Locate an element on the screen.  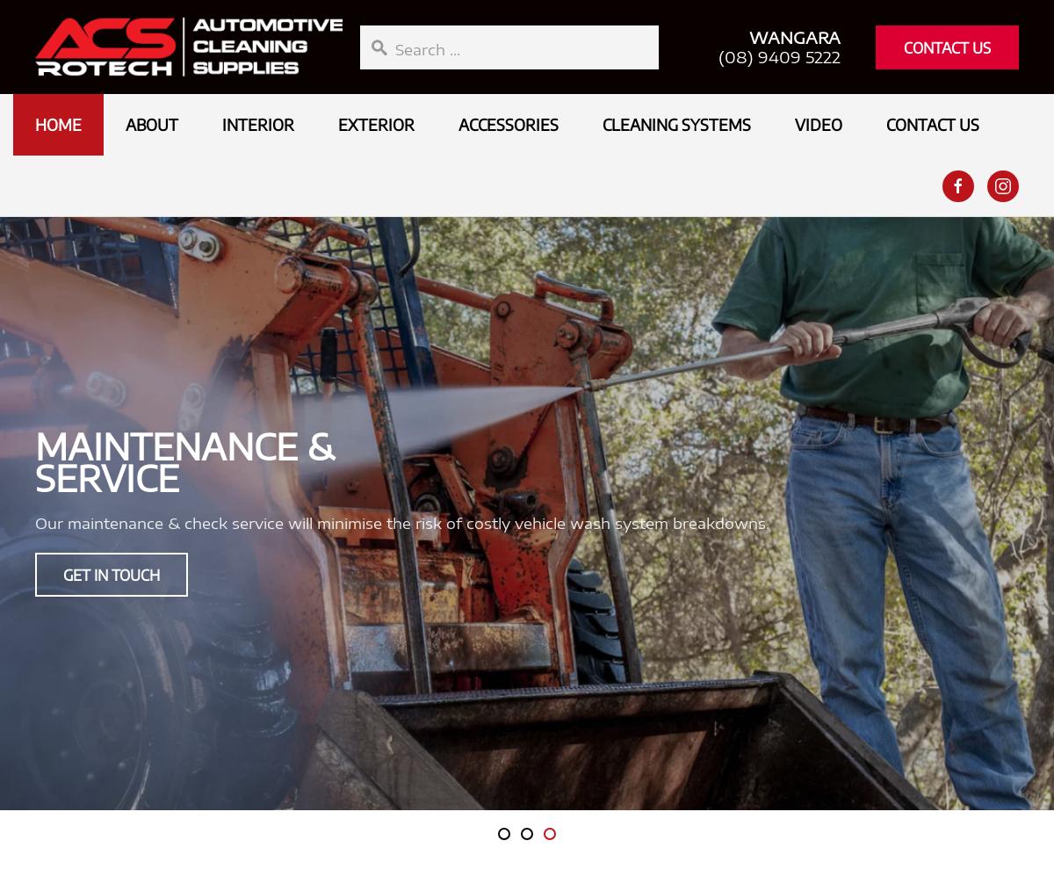
'Interior' is located at coordinates (257, 124).